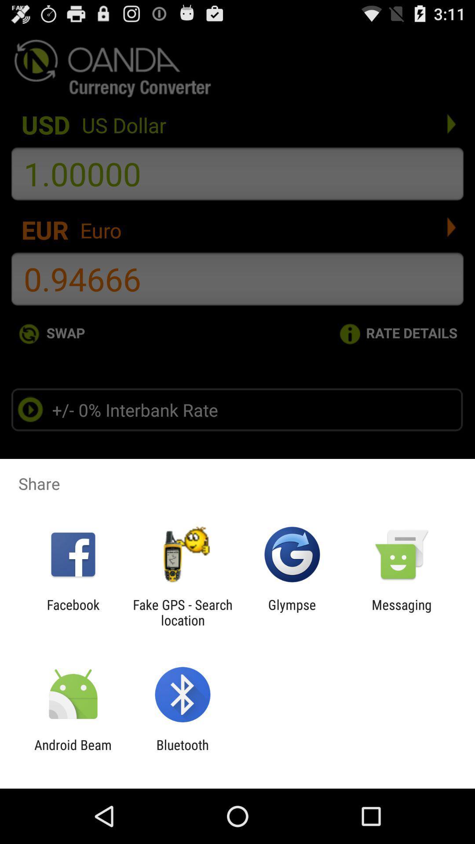  What do you see at coordinates (182, 612) in the screenshot?
I see `fake gps search app` at bounding box center [182, 612].